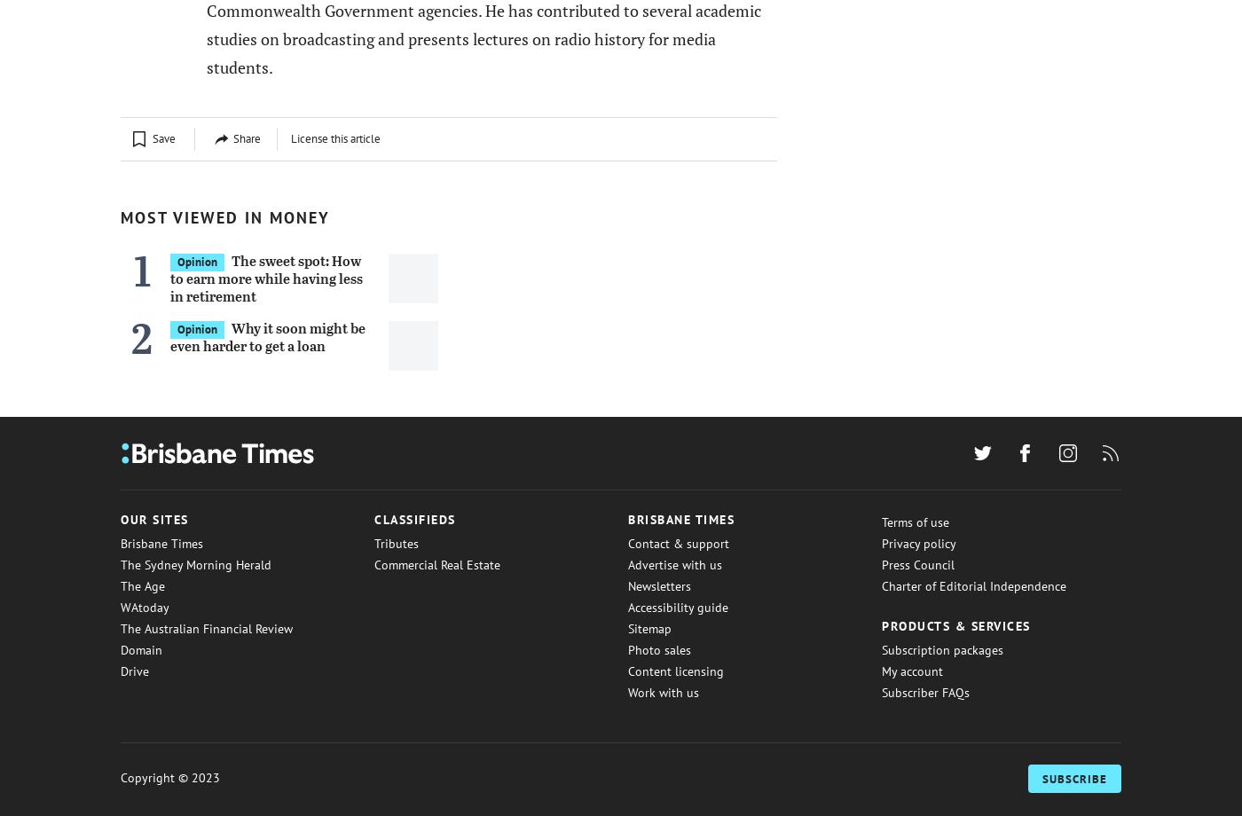 This screenshot has width=1242, height=816. Describe the element at coordinates (232, 73) in the screenshot. I see `'or'` at that location.